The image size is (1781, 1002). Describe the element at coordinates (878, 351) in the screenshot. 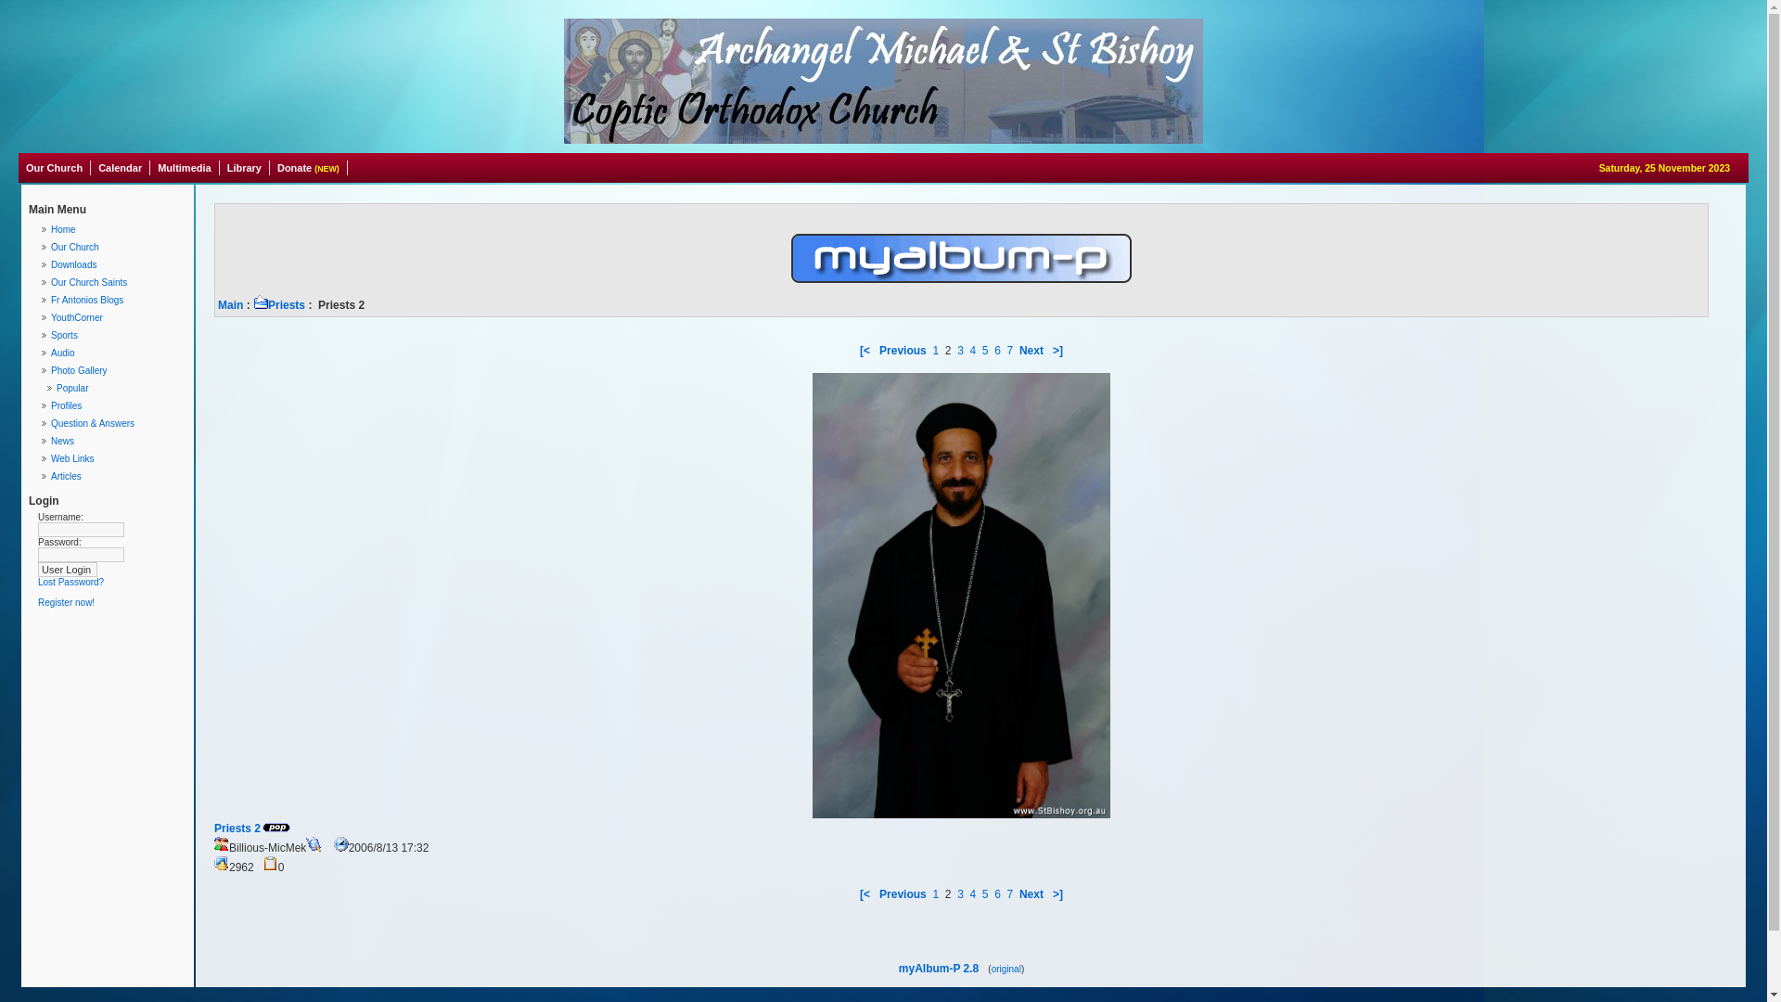

I see `'Previous'` at that location.